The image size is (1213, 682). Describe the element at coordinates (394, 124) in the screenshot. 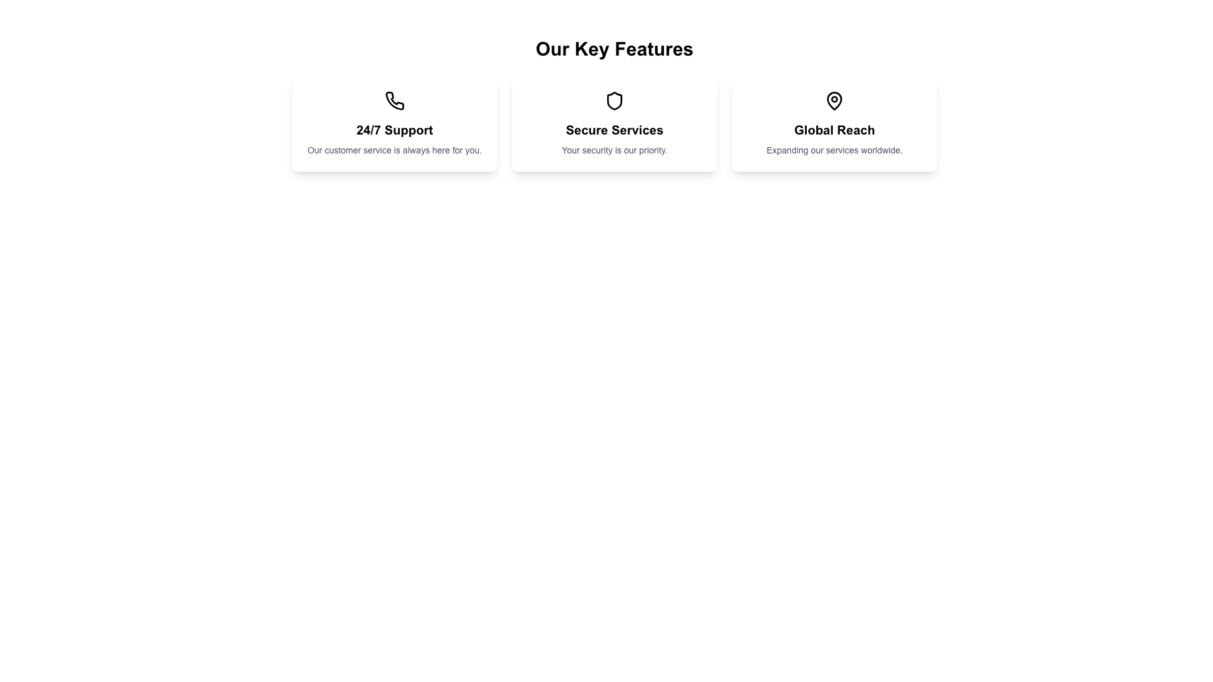

I see `the Informational Card featuring a black phone icon and the text '24/7 Support', which is located in the leftmost position among three similar elements` at that location.